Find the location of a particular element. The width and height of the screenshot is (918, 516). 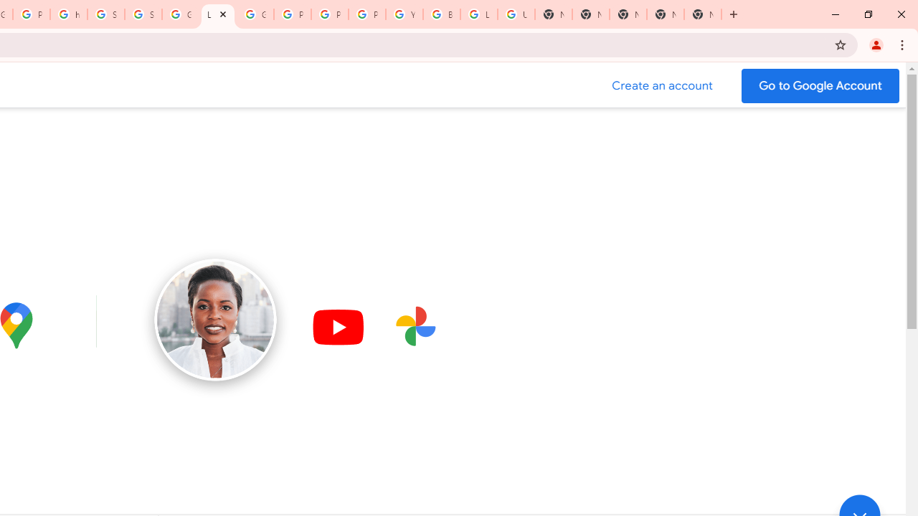

'Privacy Help Center - Policies Help' is located at coordinates (329, 14).